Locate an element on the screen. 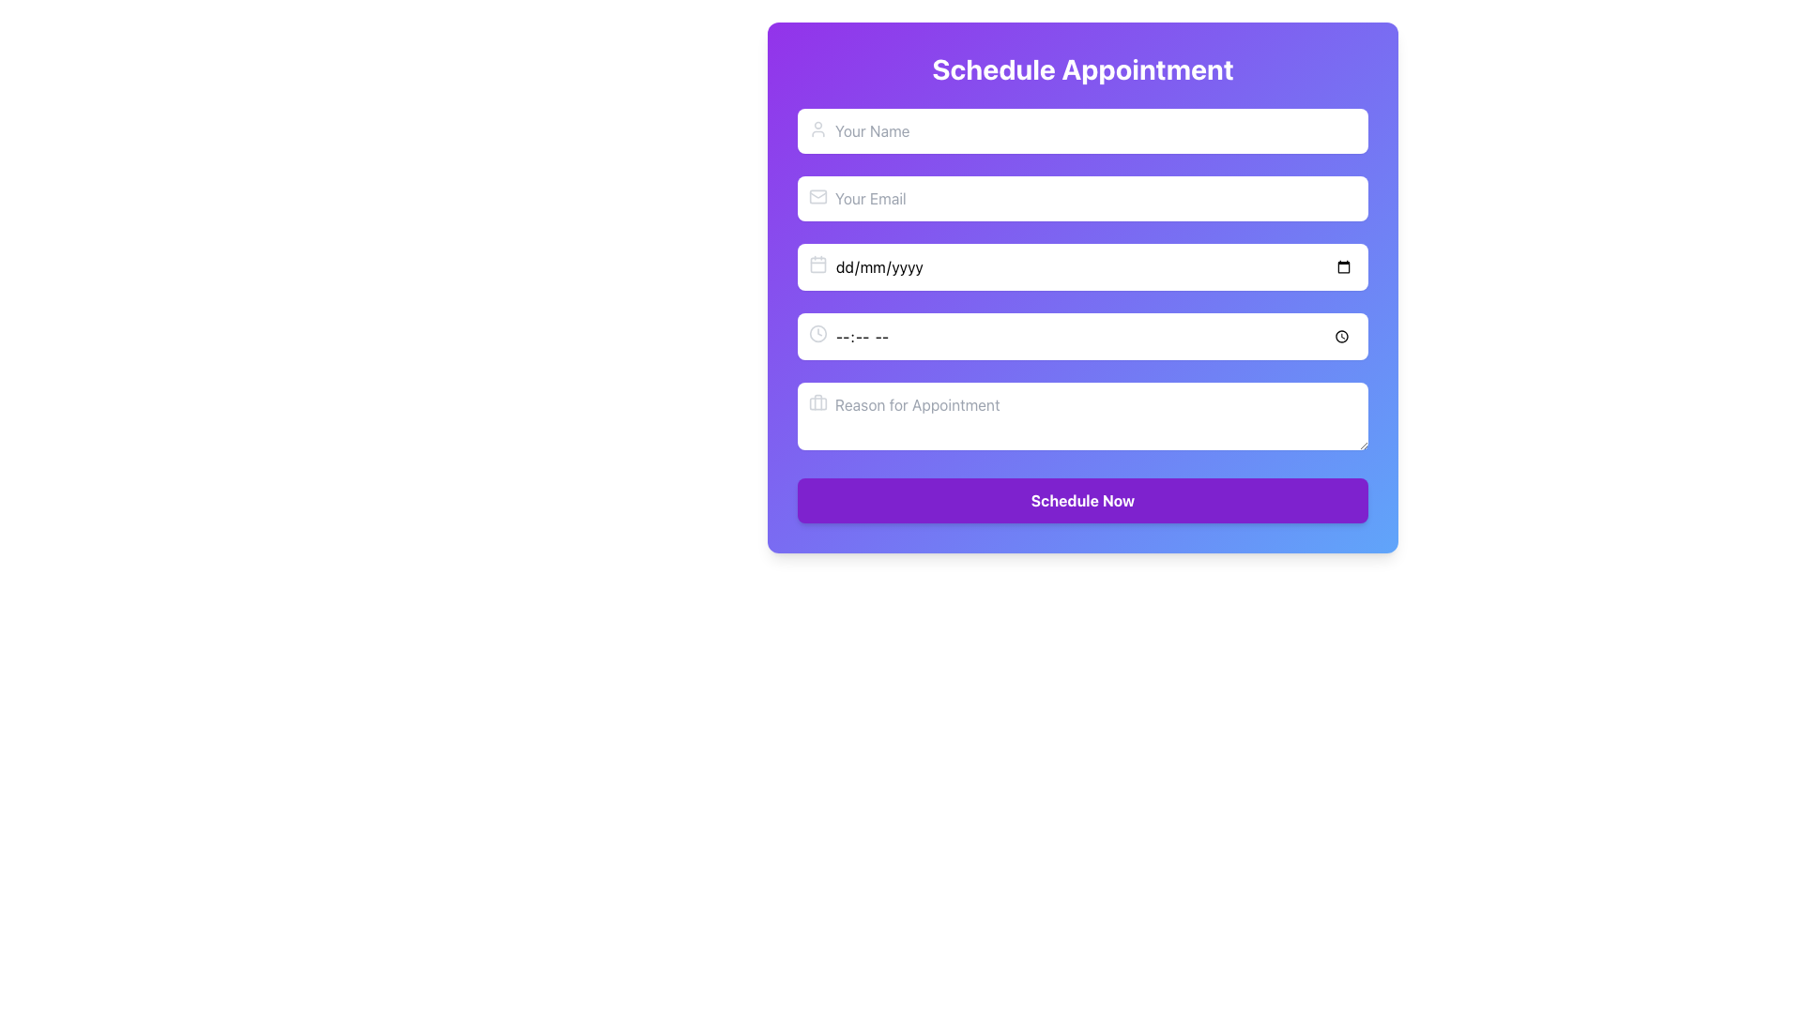 This screenshot has height=1013, width=1802. the email input field with placeholder 'Your Email' to focus the cursor for typing is located at coordinates (1082, 199).